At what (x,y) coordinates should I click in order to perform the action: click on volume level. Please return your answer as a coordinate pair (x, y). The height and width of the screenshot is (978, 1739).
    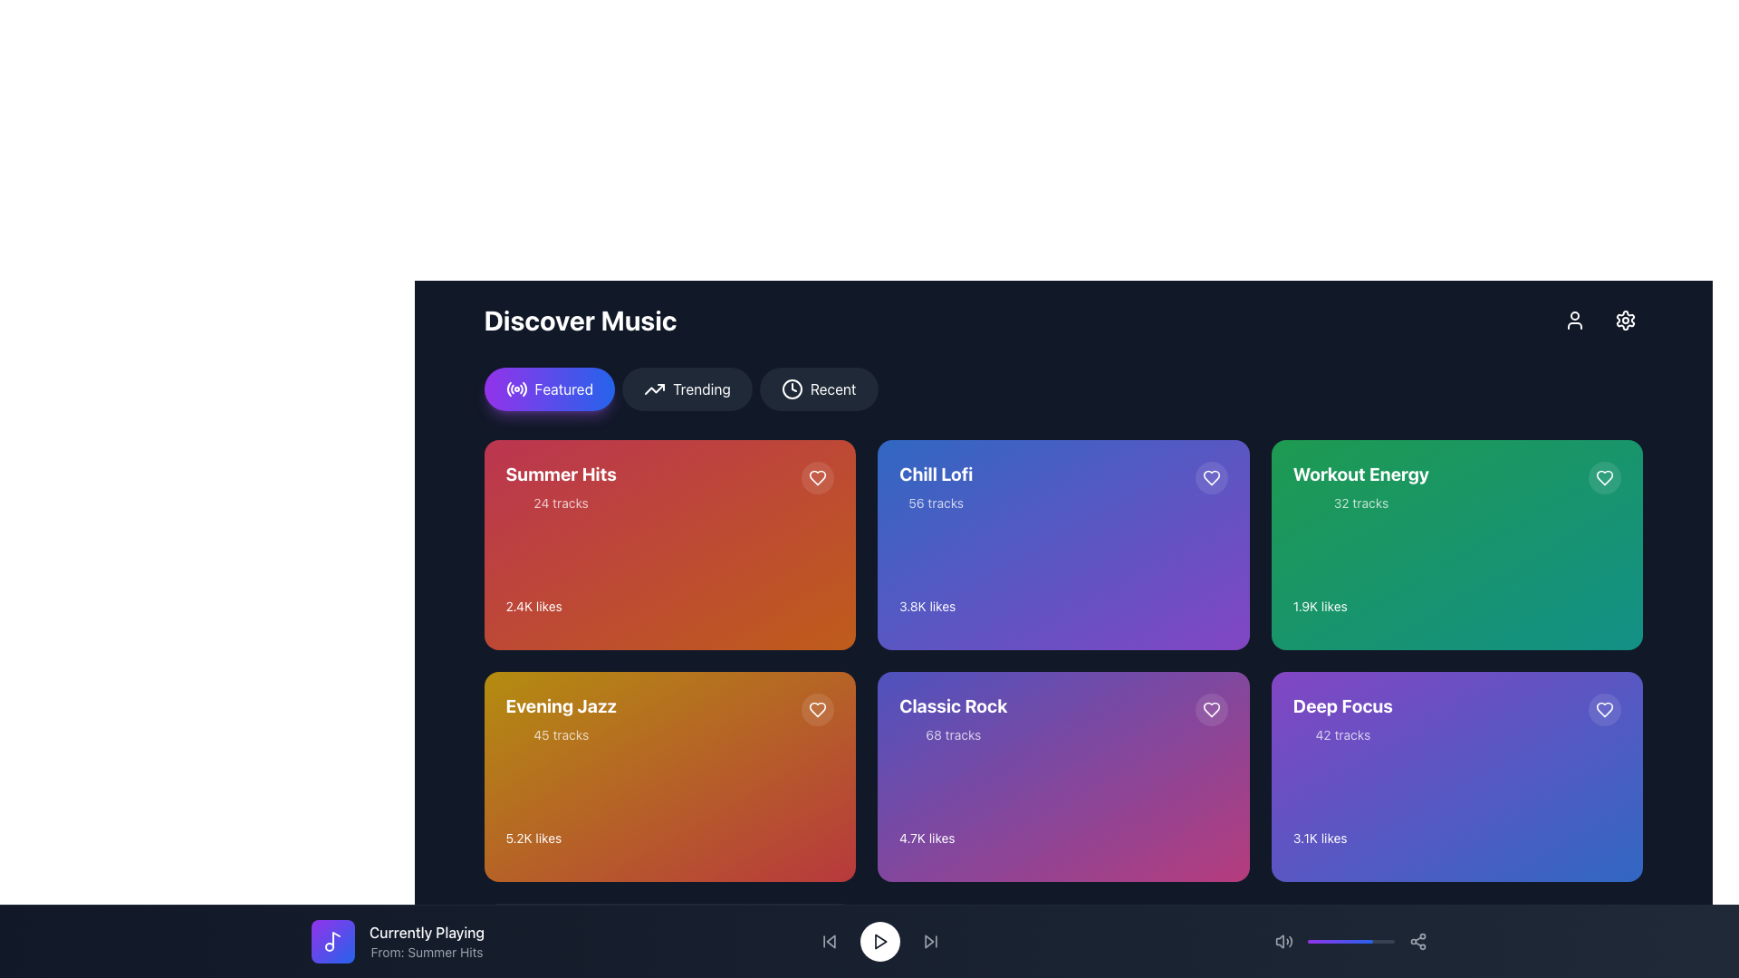
    Looking at the image, I should click on (1310, 941).